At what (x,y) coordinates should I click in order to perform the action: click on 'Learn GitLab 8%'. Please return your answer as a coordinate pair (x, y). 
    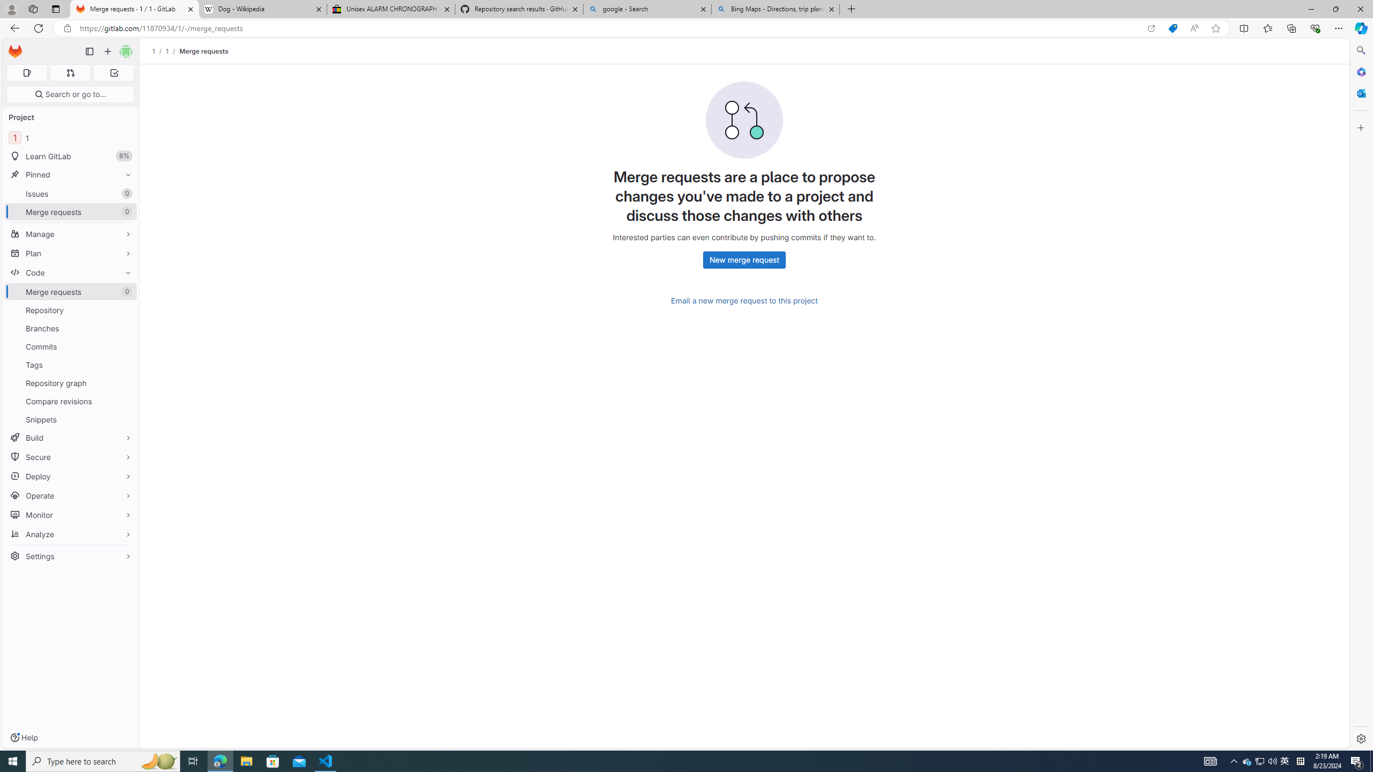
    Looking at the image, I should click on (70, 156).